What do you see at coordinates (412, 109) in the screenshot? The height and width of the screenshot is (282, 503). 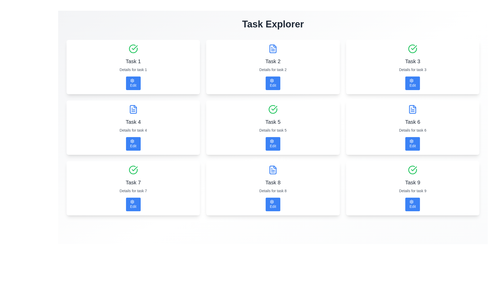 I see `the document icon with a blue outline and stylized text lines, located in the 'Task 6' card, second row, middle column` at bounding box center [412, 109].